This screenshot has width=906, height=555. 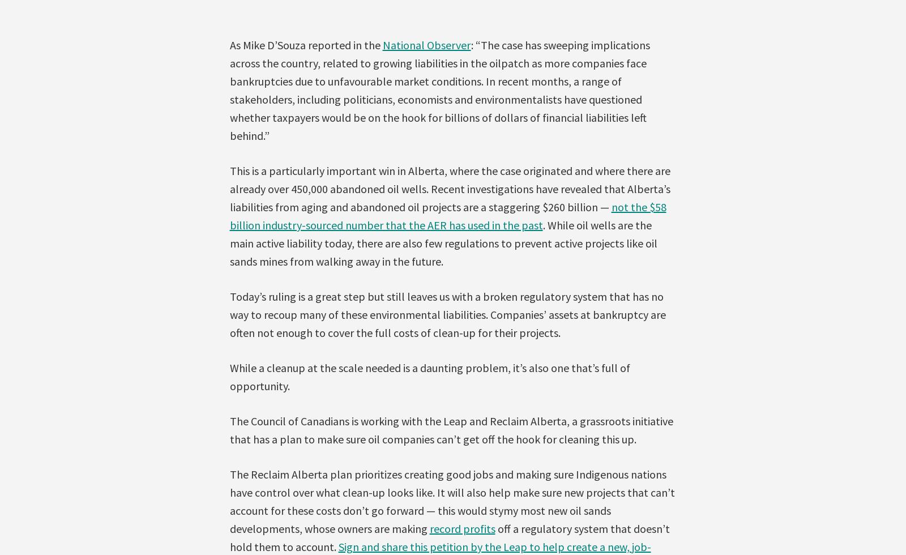 What do you see at coordinates (452, 501) in the screenshot?
I see `'The Reclaim Alberta plan prioritizes creating good jobs and making sure Indigenous nations have control over what clean-up looks like. It will also help make sure new projects that can’t account for these costs don’t go forward — this would stymy most new oil sands developments, whose owners are making'` at bounding box center [452, 501].